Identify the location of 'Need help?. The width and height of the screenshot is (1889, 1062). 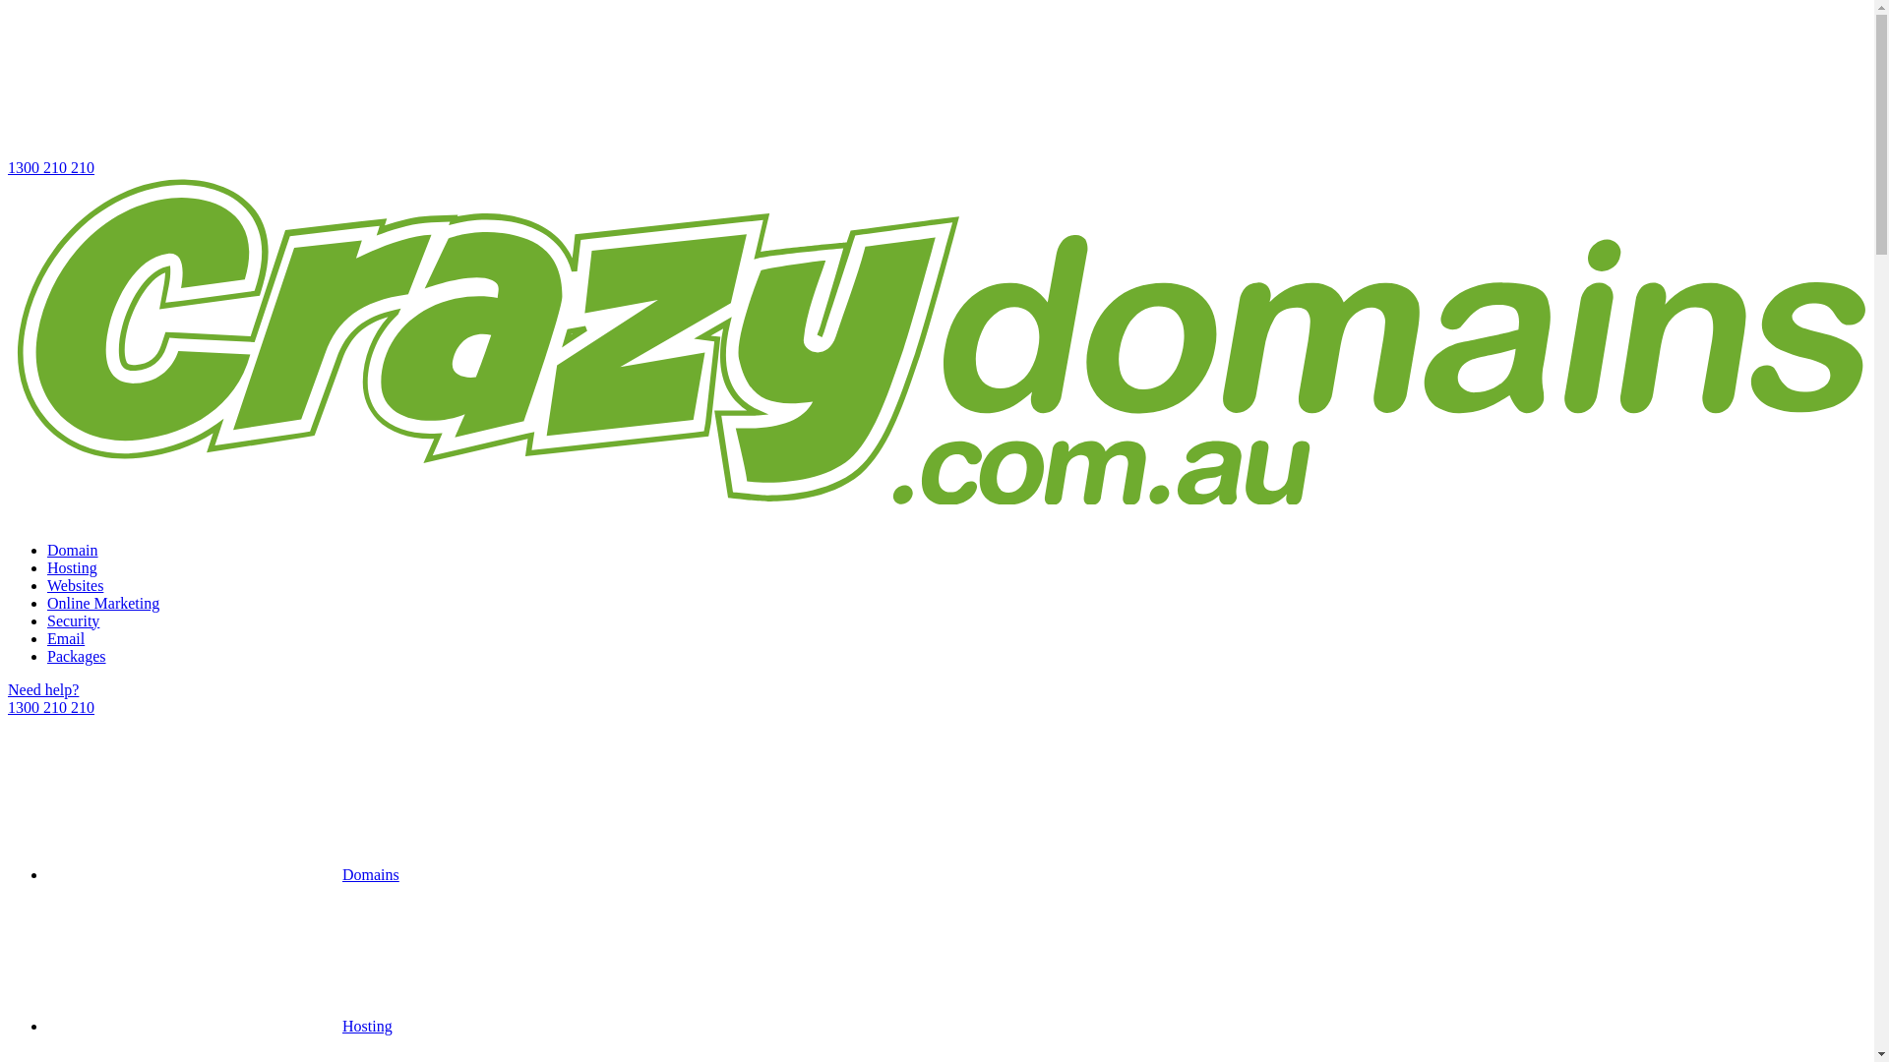
(936, 697).